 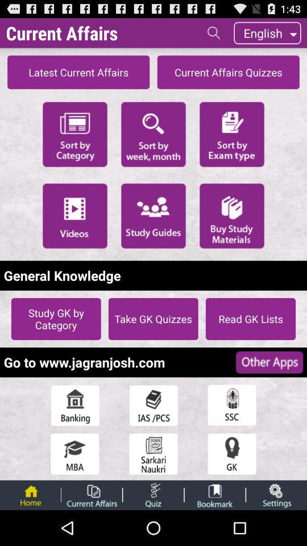 What do you see at coordinates (269, 362) in the screenshot?
I see `find other apps` at bounding box center [269, 362].